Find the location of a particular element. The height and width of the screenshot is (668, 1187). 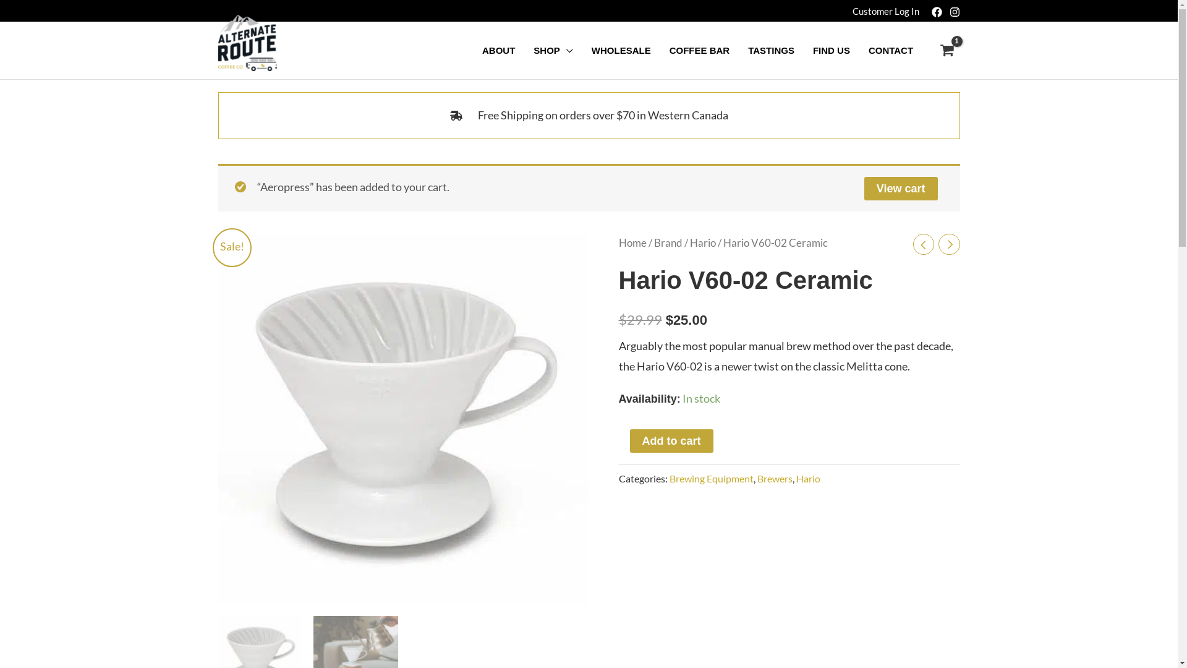

'CONTACT' is located at coordinates (890, 49).